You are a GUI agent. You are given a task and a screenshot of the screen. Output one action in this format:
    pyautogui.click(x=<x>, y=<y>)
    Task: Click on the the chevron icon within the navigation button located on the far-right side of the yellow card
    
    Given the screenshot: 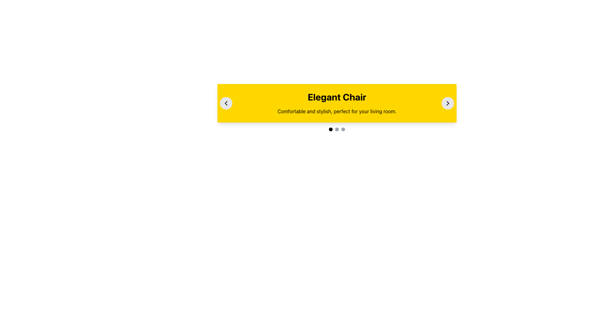 What is the action you would take?
    pyautogui.click(x=448, y=103)
    